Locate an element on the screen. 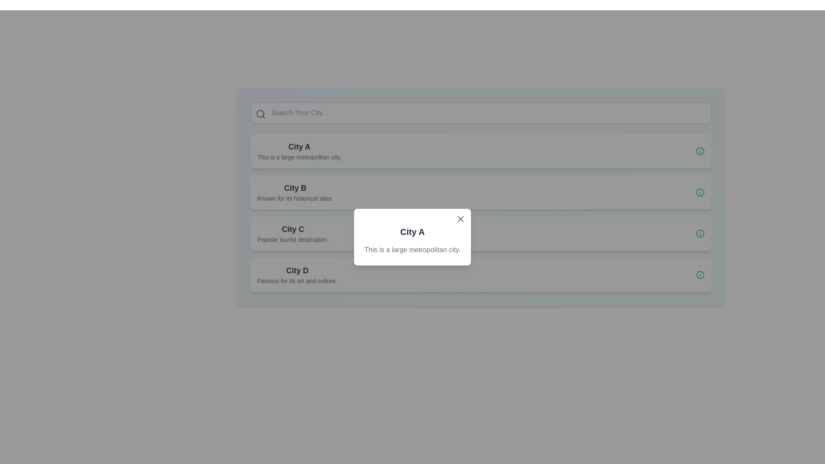 This screenshot has height=464, width=825. the text label pair titled 'City C' which displays 'City C' in bold and 'Popular tourist destination.' below it is located at coordinates (293, 233).